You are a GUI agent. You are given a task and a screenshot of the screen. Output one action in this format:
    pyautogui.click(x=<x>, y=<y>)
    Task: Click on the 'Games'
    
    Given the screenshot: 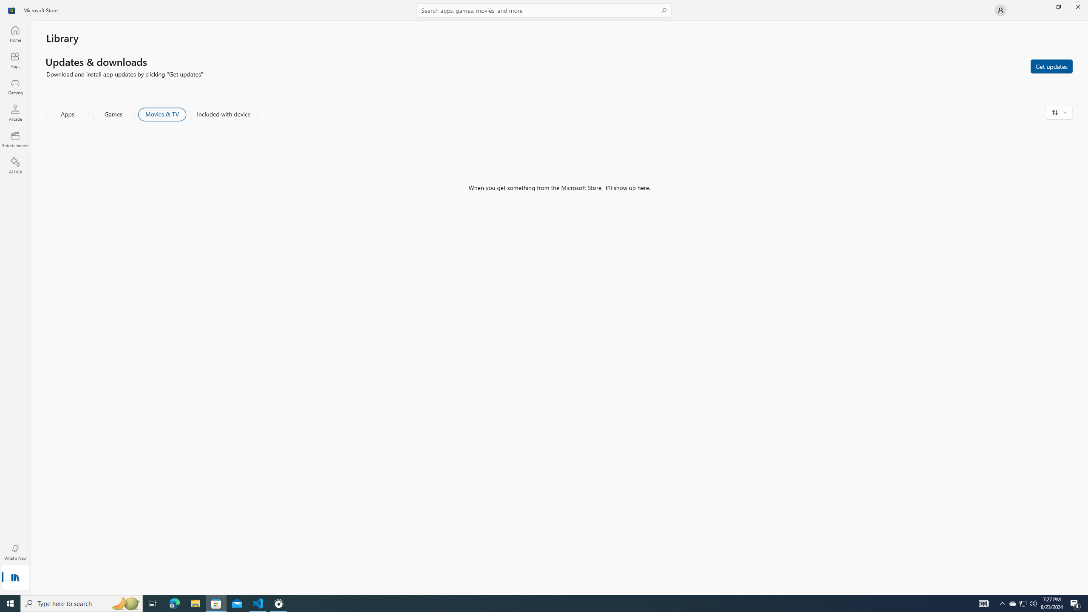 What is the action you would take?
    pyautogui.click(x=113, y=114)
    